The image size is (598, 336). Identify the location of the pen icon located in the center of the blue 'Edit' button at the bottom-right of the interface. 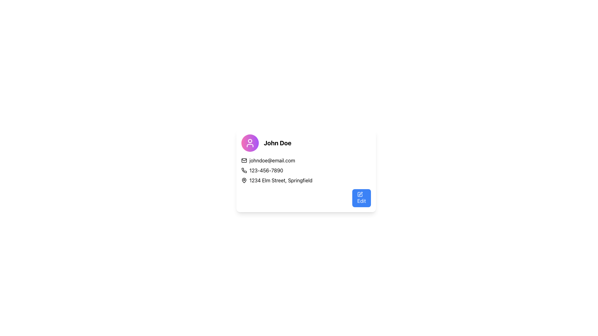
(361, 193).